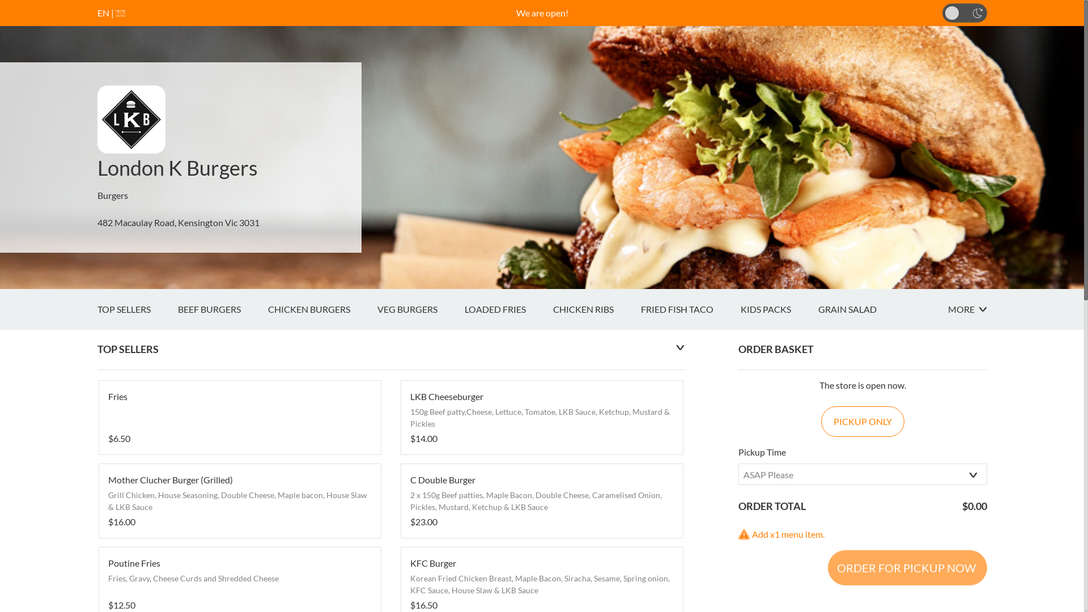 The width and height of the screenshot is (1088, 612). What do you see at coordinates (137, 309) in the screenshot?
I see `'TOP SELLERS'` at bounding box center [137, 309].